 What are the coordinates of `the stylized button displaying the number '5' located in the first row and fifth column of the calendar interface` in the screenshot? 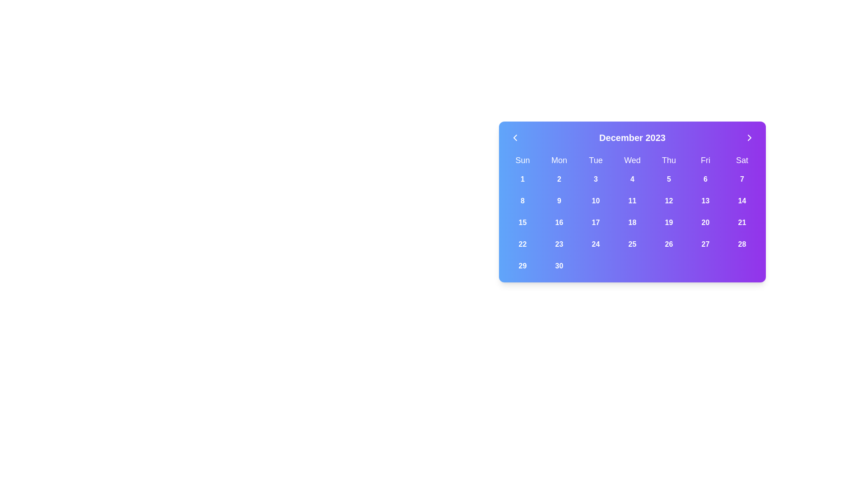 It's located at (669, 179).